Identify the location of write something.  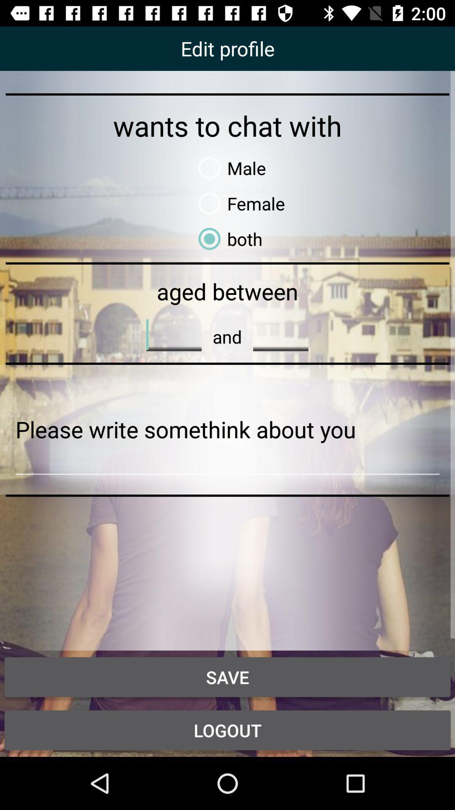
(227, 429).